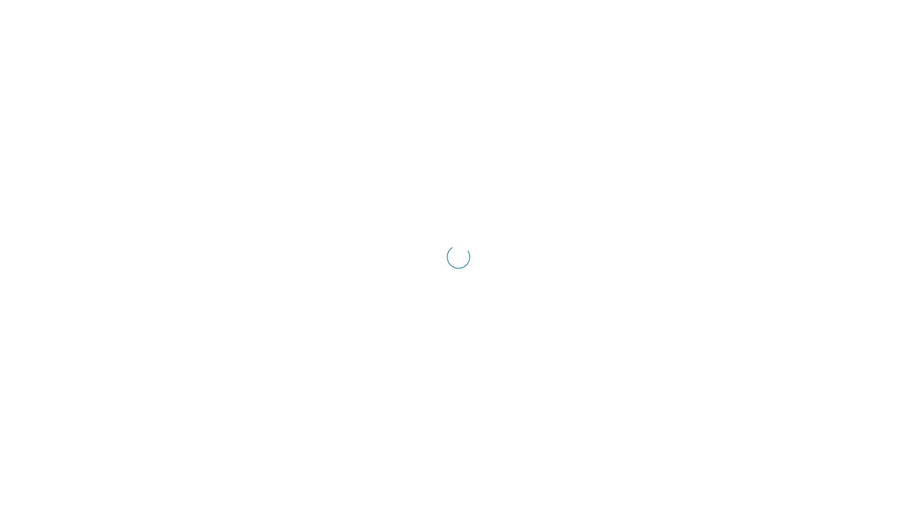 Image resolution: width=917 pixels, height=516 pixels. I want to click on SIGN IN, so click(458, 267).